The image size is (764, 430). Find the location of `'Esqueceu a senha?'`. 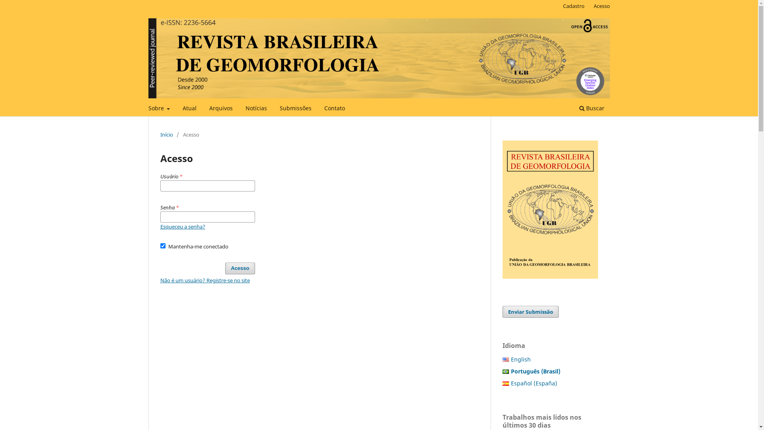

'Esqueceu a senha?' is located at coordinates (160, 227).